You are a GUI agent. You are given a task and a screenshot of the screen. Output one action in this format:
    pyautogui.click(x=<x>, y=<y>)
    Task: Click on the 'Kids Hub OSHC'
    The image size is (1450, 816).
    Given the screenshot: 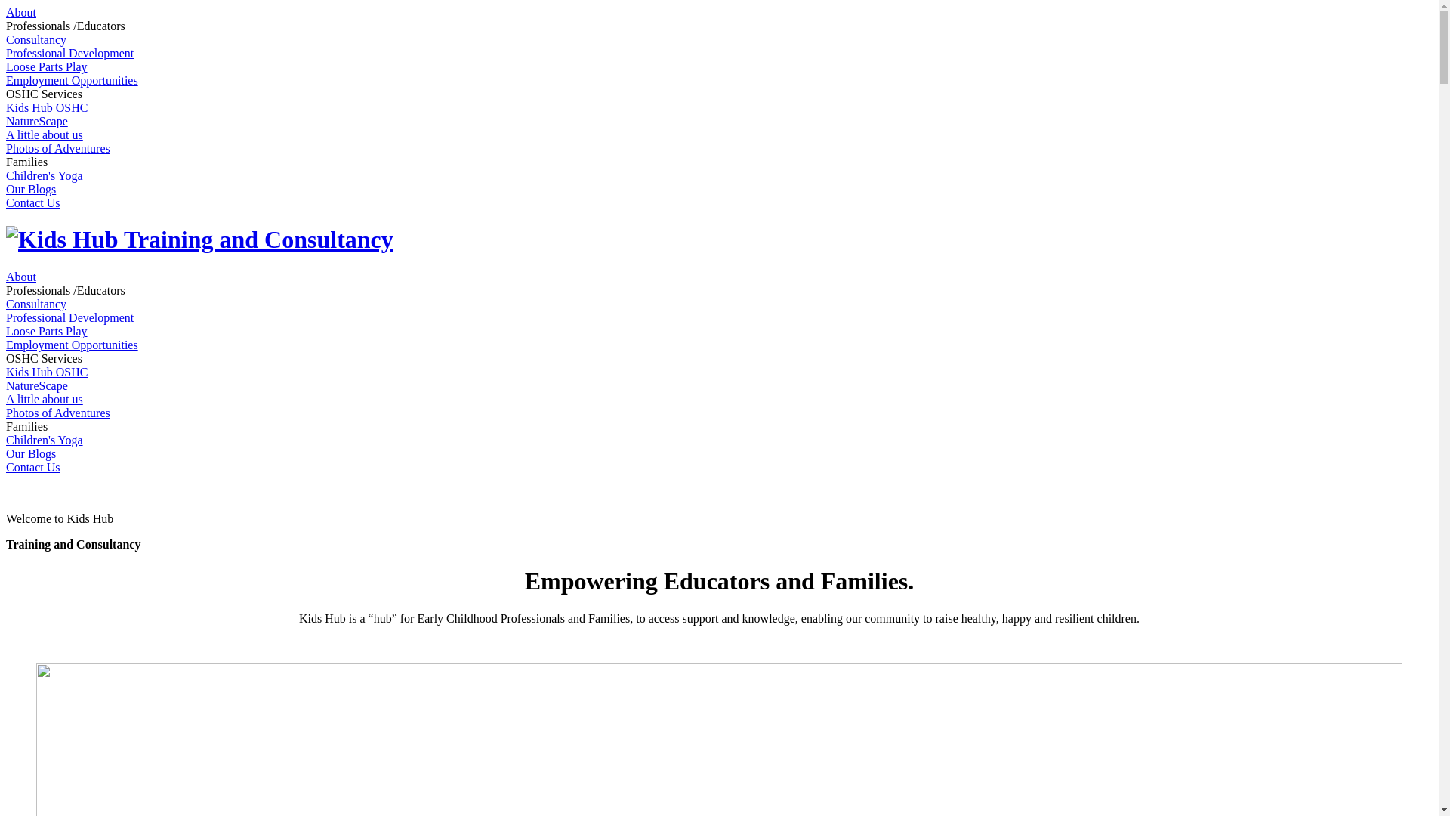 What is the action you would take?
    pyautogui.click(x=47, y=107)
    